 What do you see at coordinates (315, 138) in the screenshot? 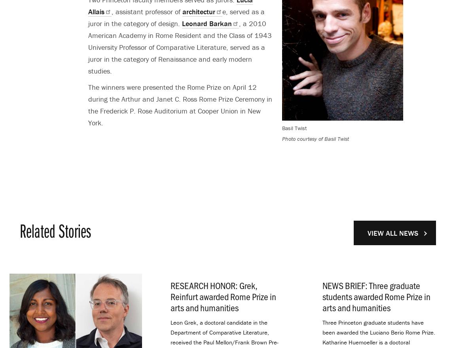
I see `'Photo courtesy of Basil Twist'` at bounding box center [315, 138].